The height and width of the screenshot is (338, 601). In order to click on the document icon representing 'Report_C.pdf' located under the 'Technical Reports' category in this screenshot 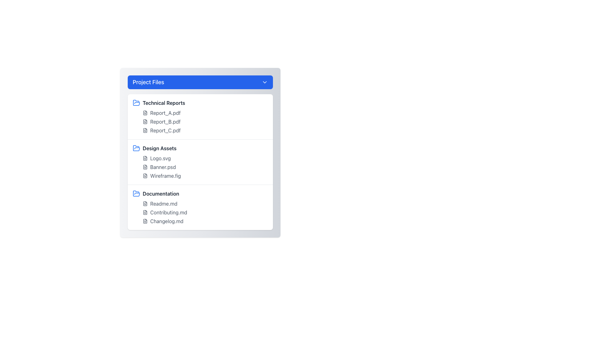, I will do `click(145, 130)`.